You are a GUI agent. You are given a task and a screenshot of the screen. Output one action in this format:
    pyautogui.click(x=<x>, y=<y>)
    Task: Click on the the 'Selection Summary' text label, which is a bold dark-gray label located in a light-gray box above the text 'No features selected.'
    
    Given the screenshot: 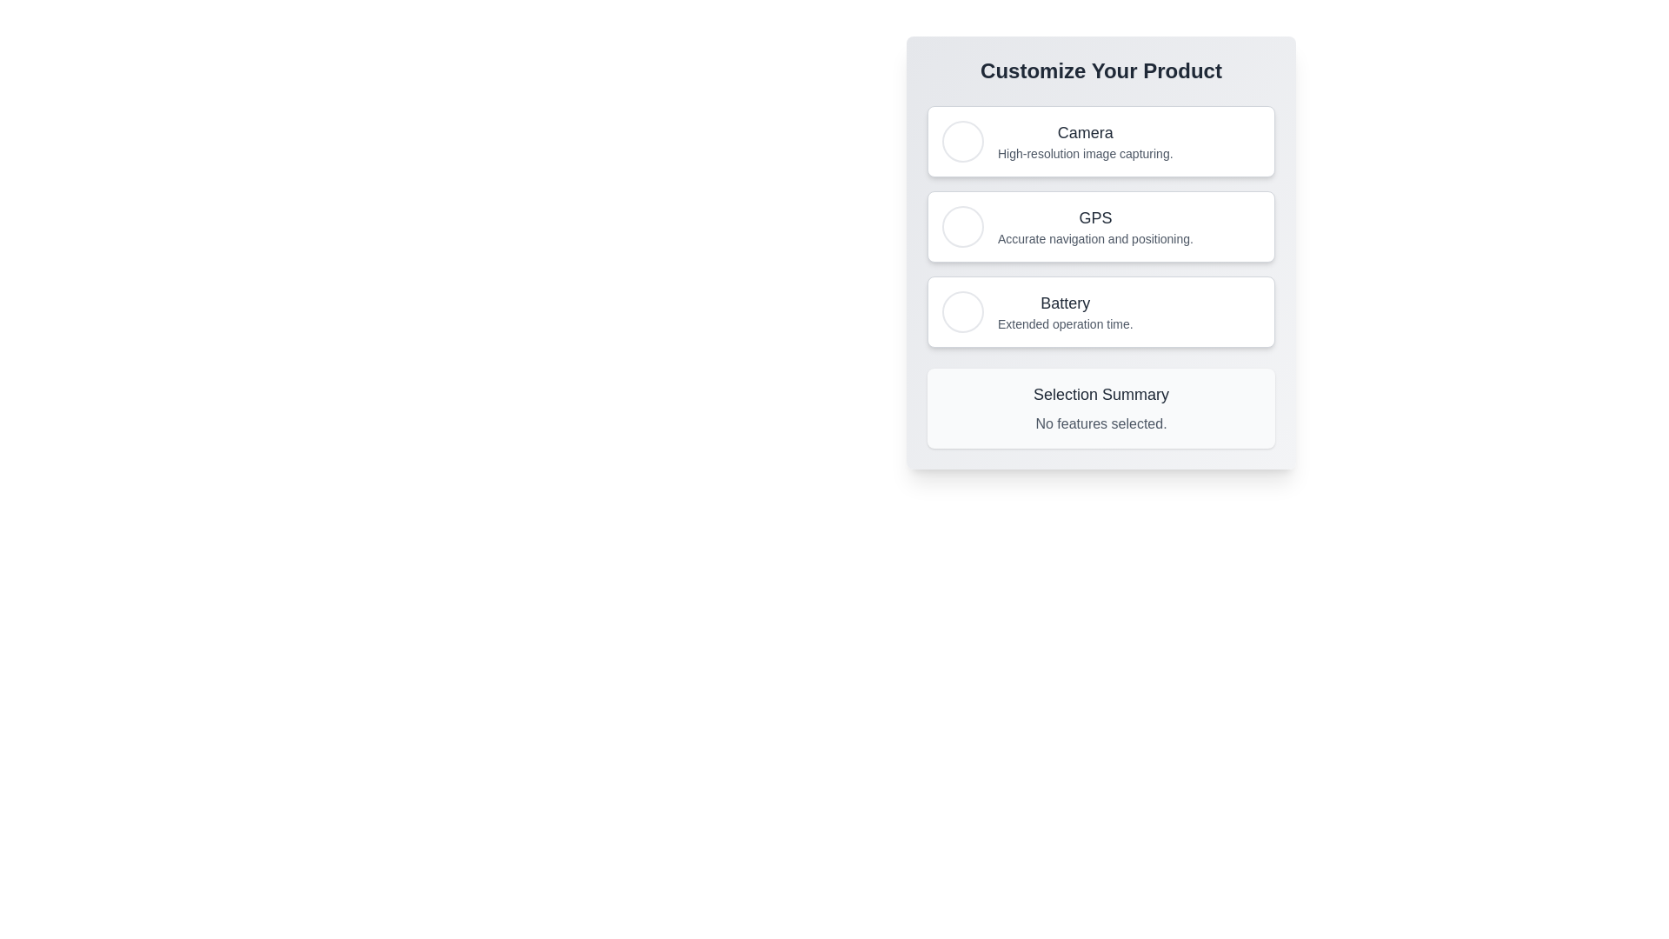 What is the action you would take?
    pyautogui.click(x=1100, y=395)
    